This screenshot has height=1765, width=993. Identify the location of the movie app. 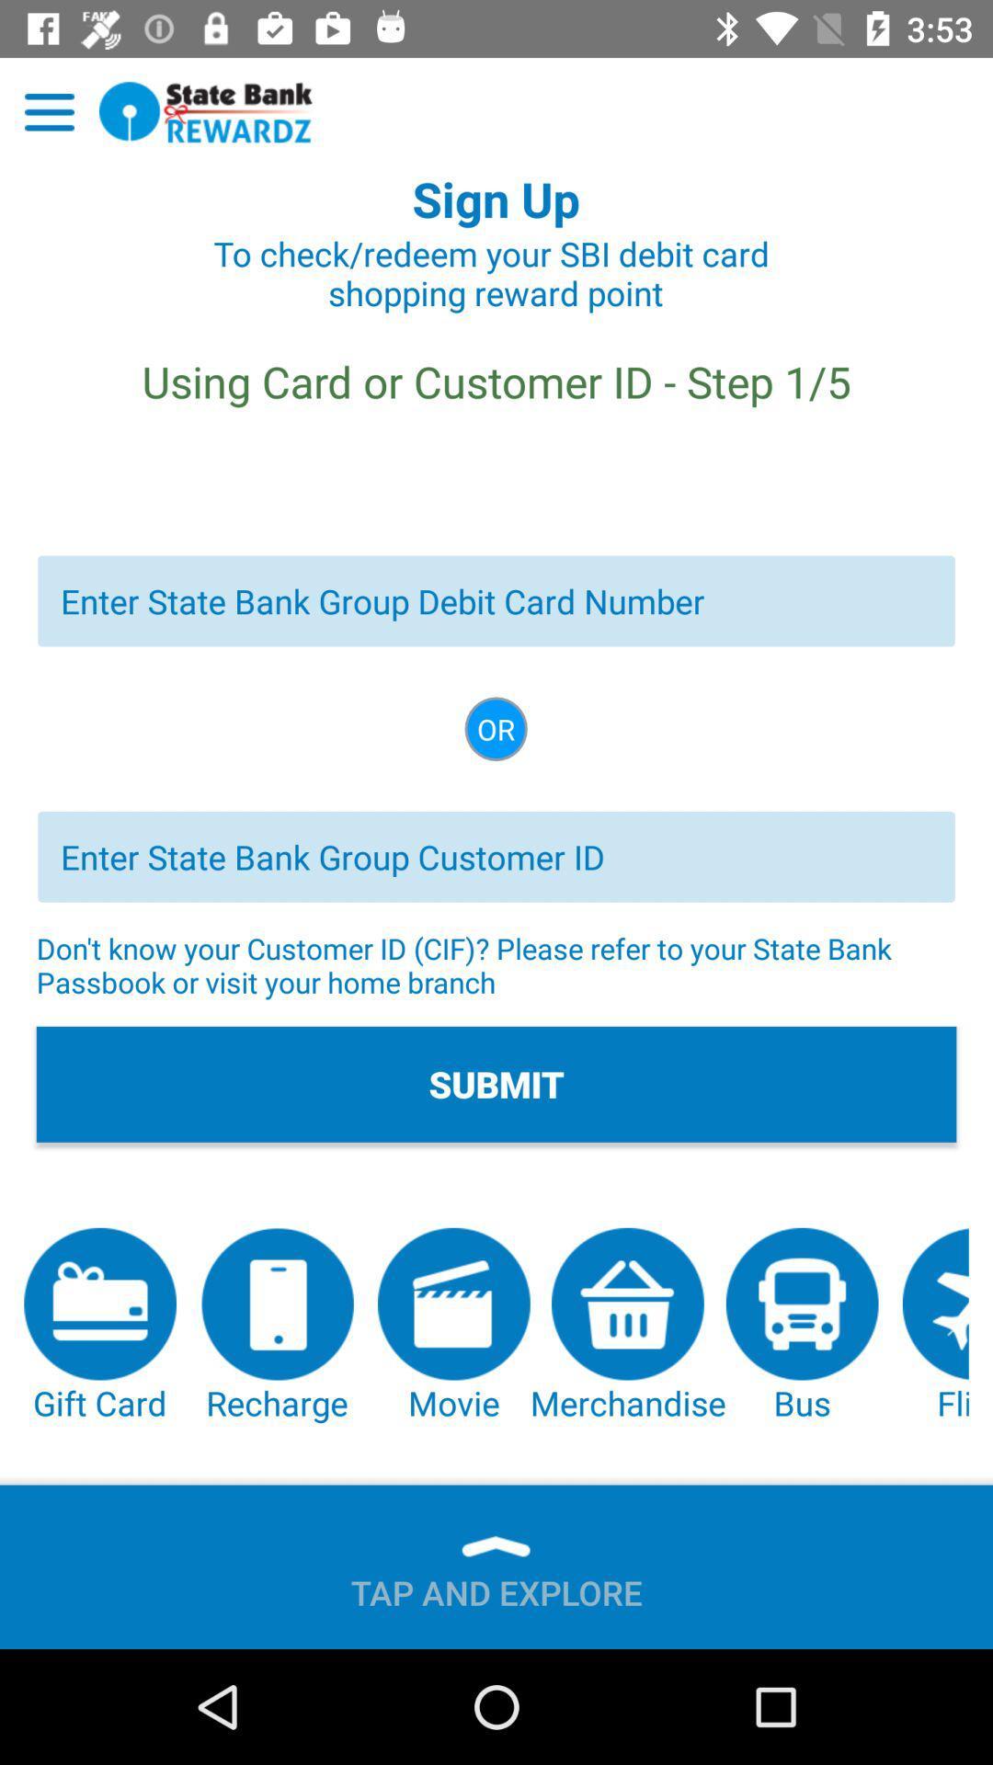
(453, 1327).